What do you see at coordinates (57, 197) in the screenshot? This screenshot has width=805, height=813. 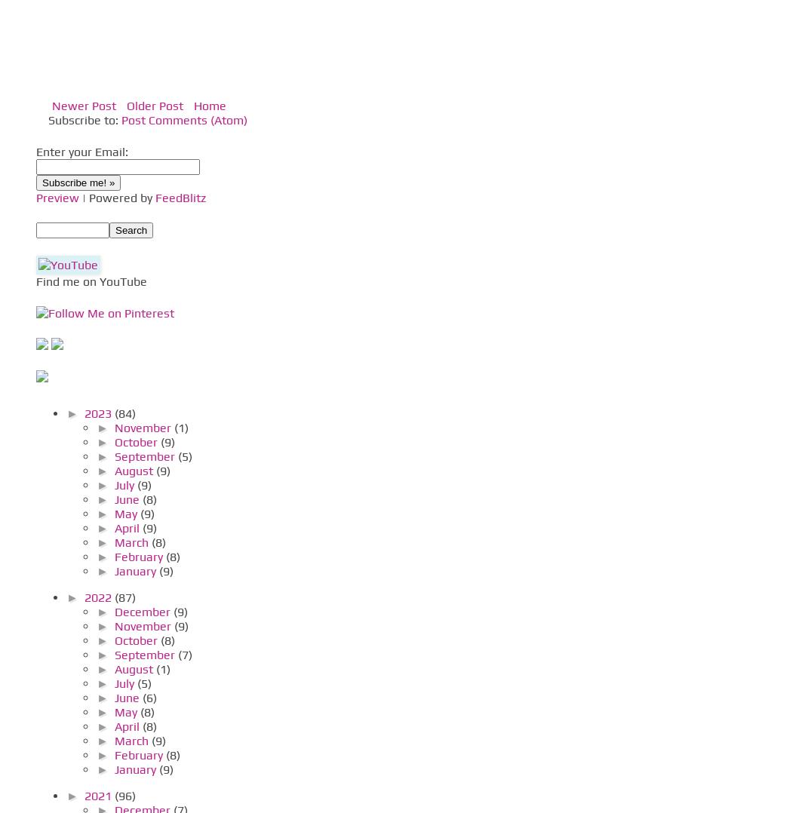 I see `'Preview'` at bounding box center [57, 197].